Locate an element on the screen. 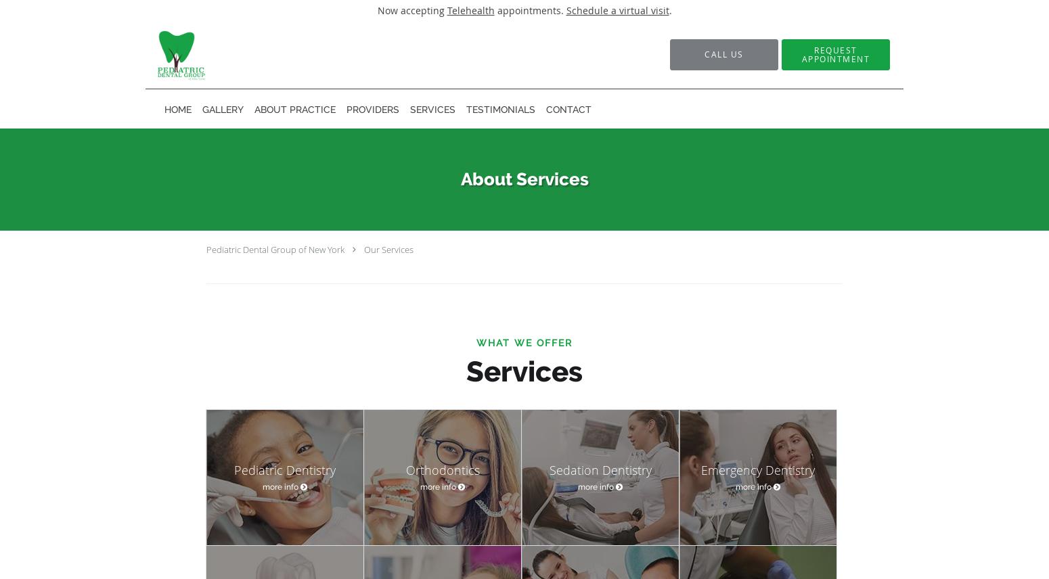 The height and width of the screenshot is (579, 1049). 'Sedation Dentistry' is located at coordinates (600, 469).